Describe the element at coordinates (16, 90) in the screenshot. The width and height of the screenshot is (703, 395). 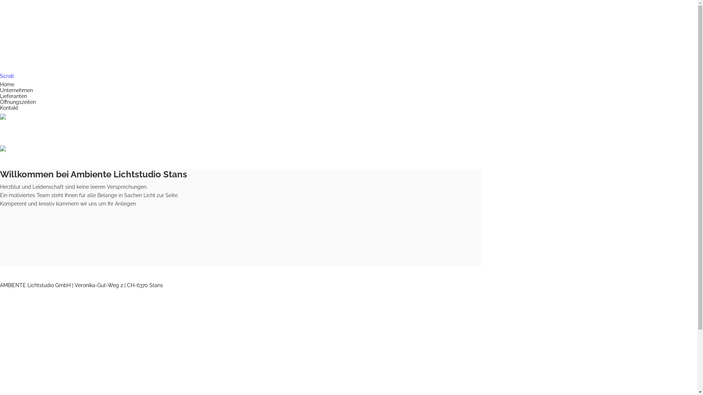
I see `'Unternehmen'` at that location.